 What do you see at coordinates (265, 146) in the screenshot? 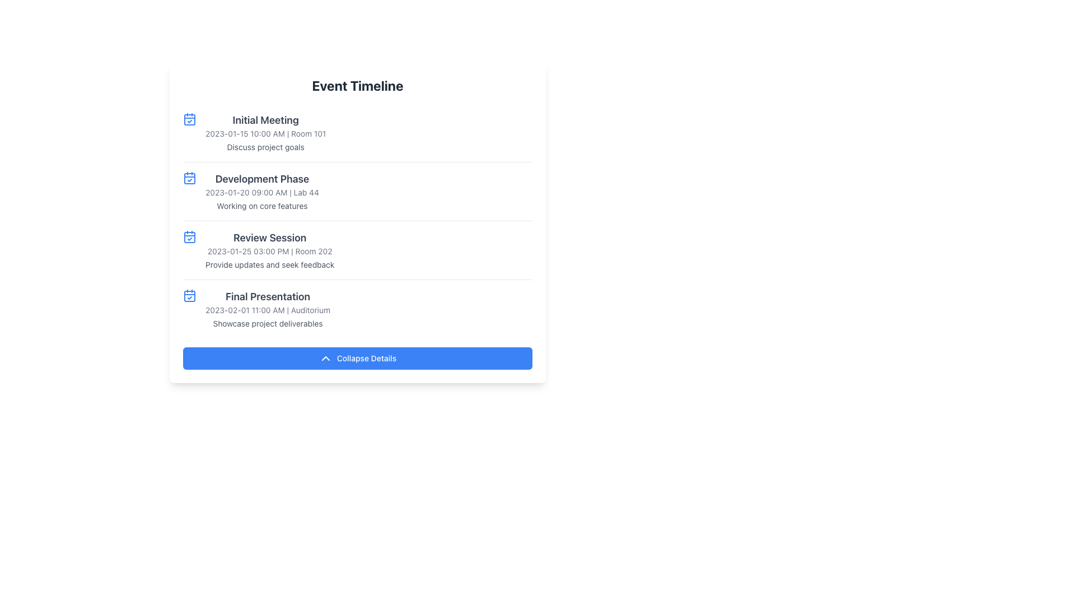
I see `text label that says 'Discuss project goals', which is styled in a subdued gray font and located under the 'Initial Meeting' event details` at bounding box center [265, 146].